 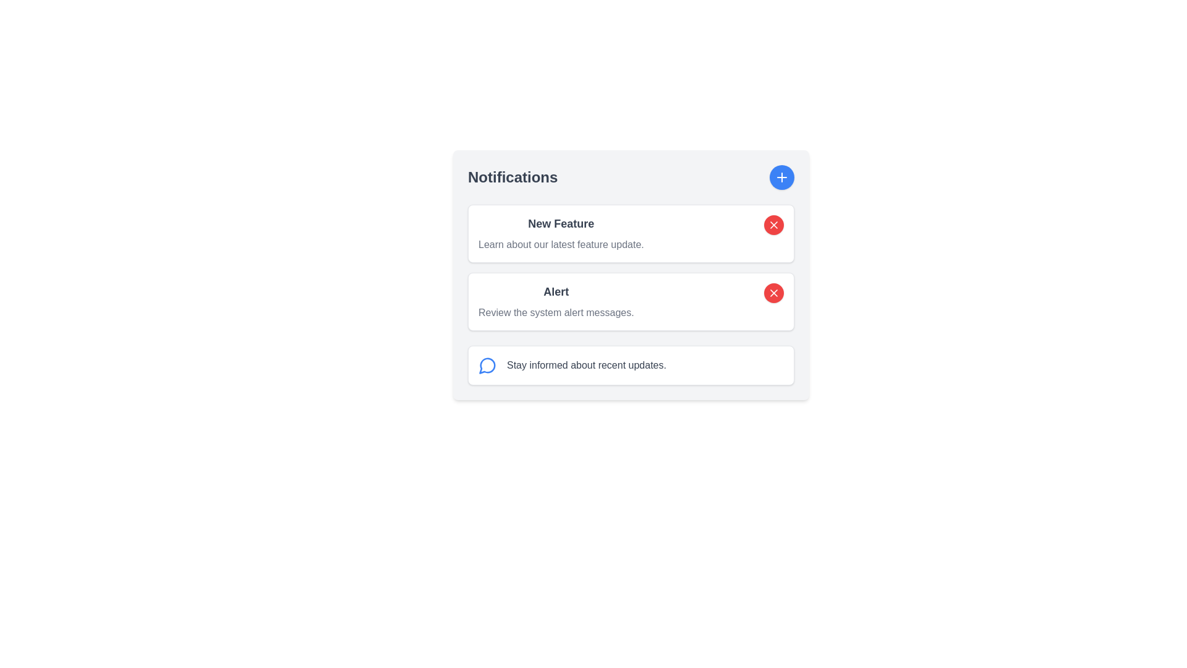 I want to click on the 'Alert' text label, which is displayed in bold dark gray font and is centrally placed above the description line in the 'New Feature' section, so click(x=555, y=291).